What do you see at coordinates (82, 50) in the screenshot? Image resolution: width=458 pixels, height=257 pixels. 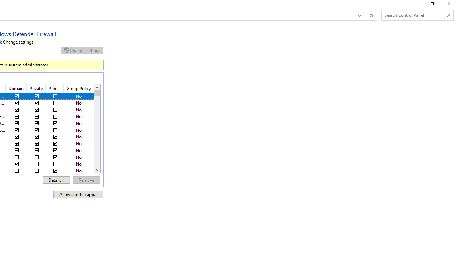 I see `'Change settings'` at bounding box center [82, 50].